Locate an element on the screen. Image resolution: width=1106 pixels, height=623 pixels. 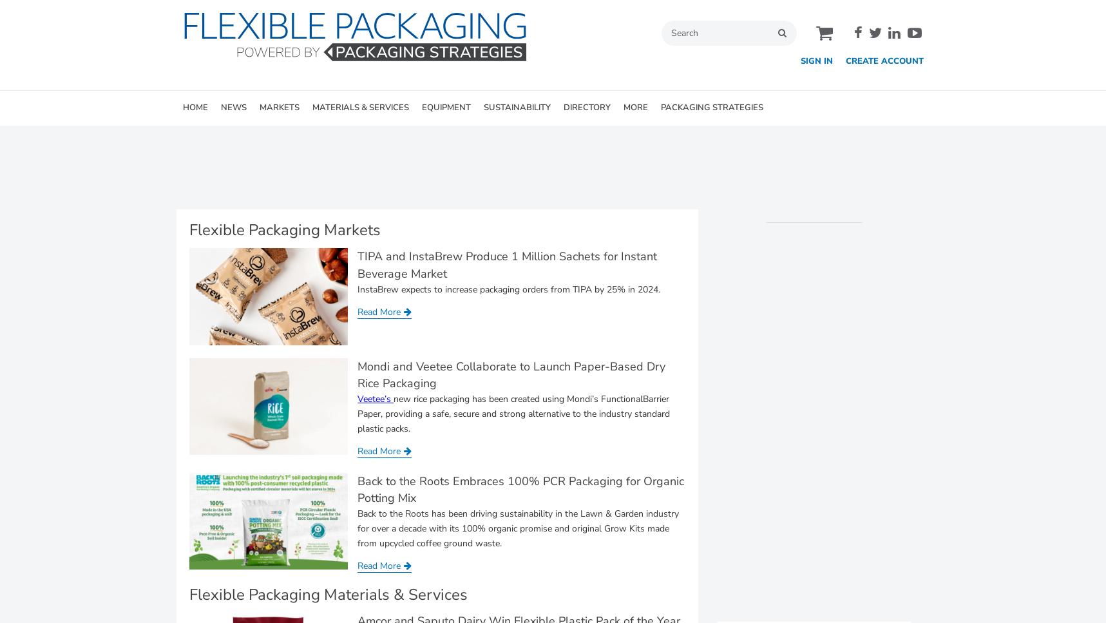
'SUSTAINABILITY' is located at coordinates (516, 108).